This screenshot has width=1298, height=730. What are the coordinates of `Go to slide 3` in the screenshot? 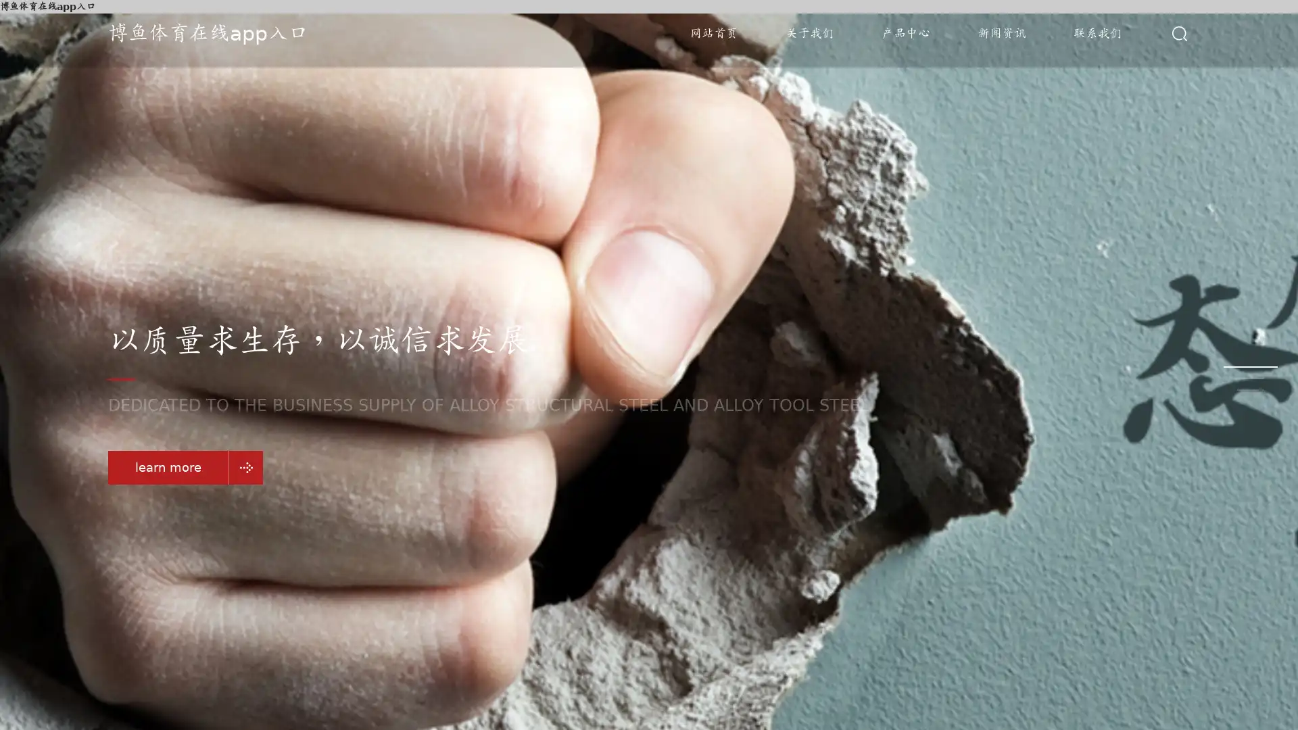 It's located at (1249, 390).